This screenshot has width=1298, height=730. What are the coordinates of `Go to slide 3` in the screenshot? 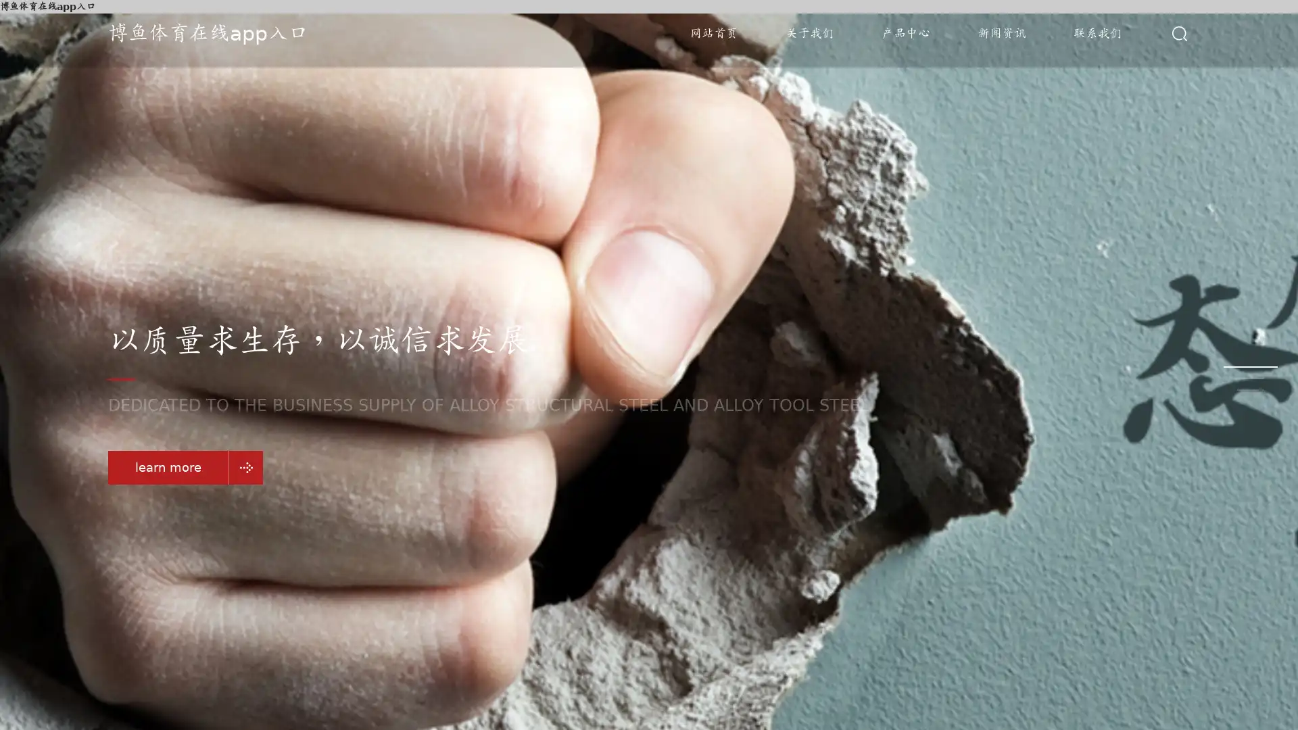 It's located at (1249, 390).